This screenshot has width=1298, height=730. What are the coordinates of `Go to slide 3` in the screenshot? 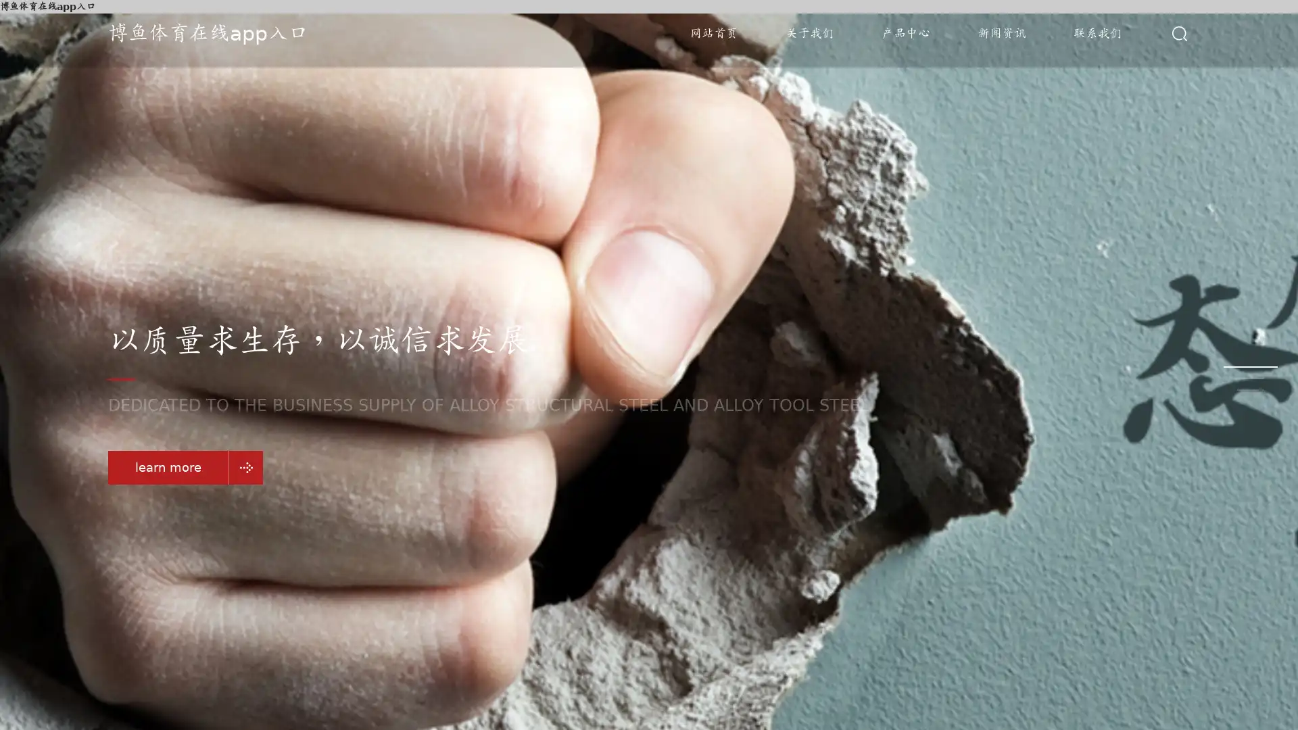 It's located at (1249, 390).